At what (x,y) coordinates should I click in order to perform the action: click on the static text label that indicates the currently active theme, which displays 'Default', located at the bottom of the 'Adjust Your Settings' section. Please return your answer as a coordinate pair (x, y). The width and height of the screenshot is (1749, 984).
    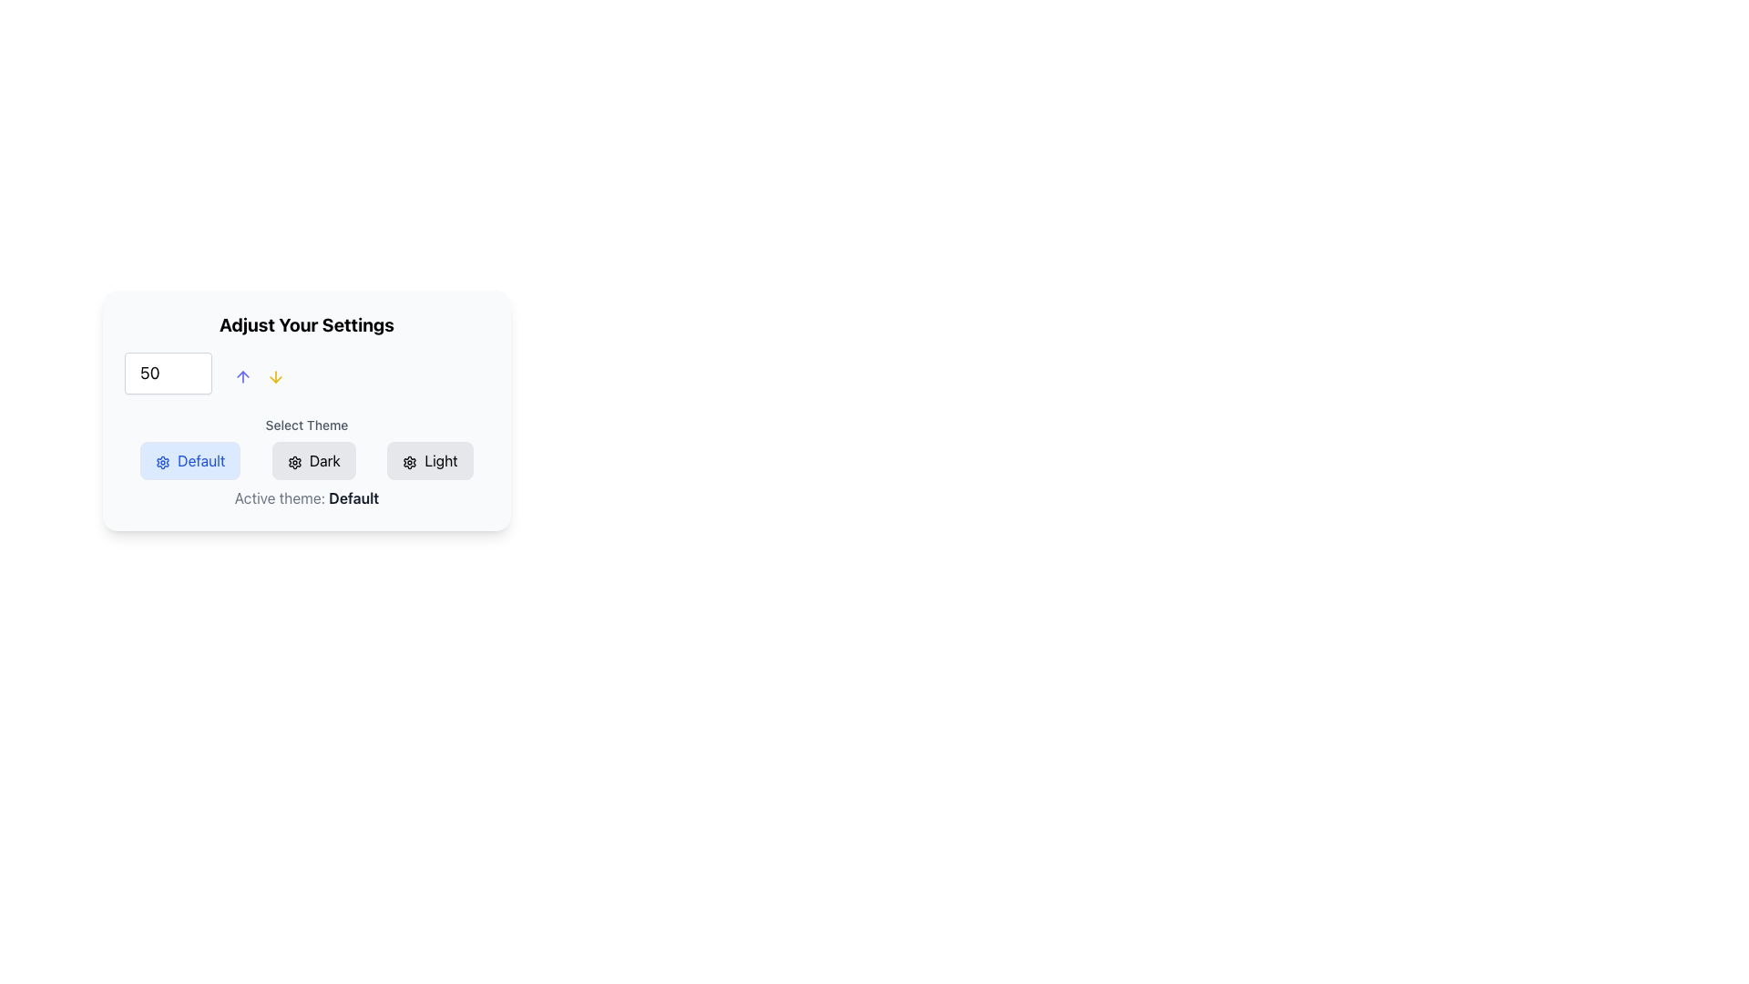
    Looking at the image, I should click on (306, 498).